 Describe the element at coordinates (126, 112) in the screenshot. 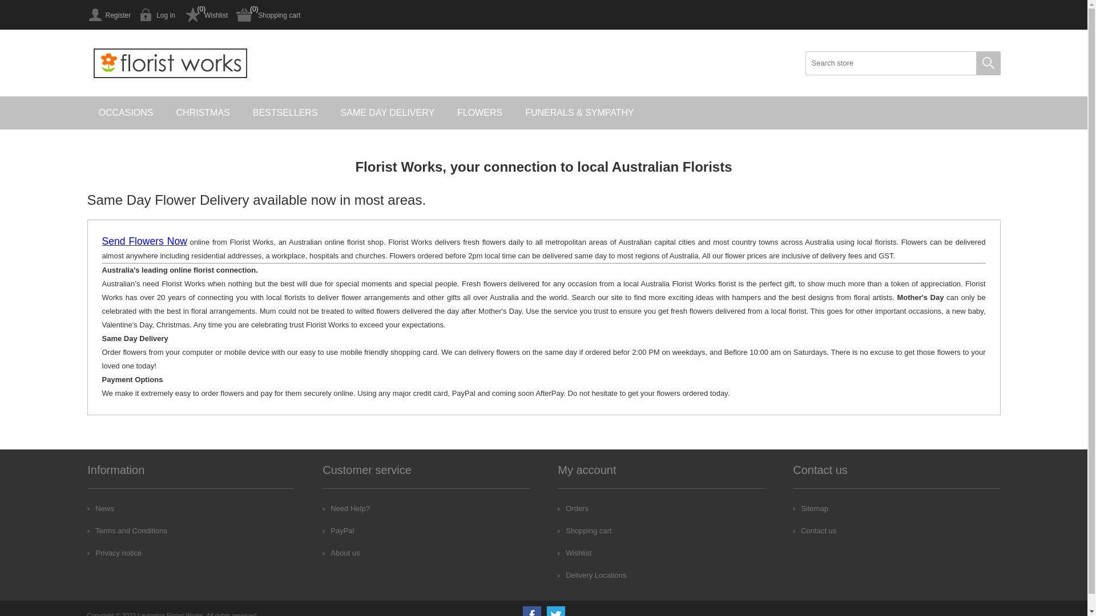

I see `'OCCASIONS'` at that location.